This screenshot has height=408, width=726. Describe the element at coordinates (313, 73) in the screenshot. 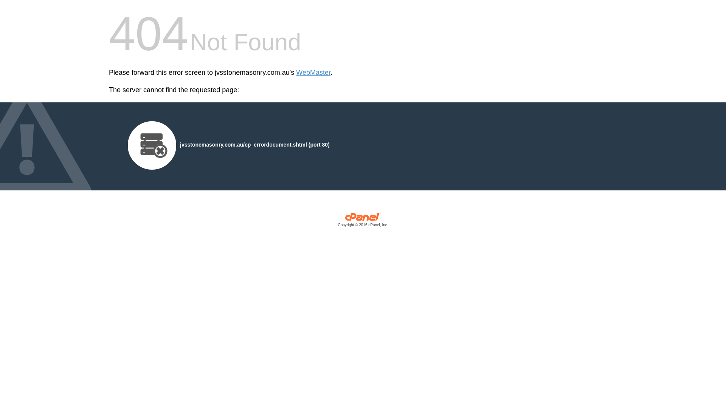

I see `'WebMaster'` at that location.